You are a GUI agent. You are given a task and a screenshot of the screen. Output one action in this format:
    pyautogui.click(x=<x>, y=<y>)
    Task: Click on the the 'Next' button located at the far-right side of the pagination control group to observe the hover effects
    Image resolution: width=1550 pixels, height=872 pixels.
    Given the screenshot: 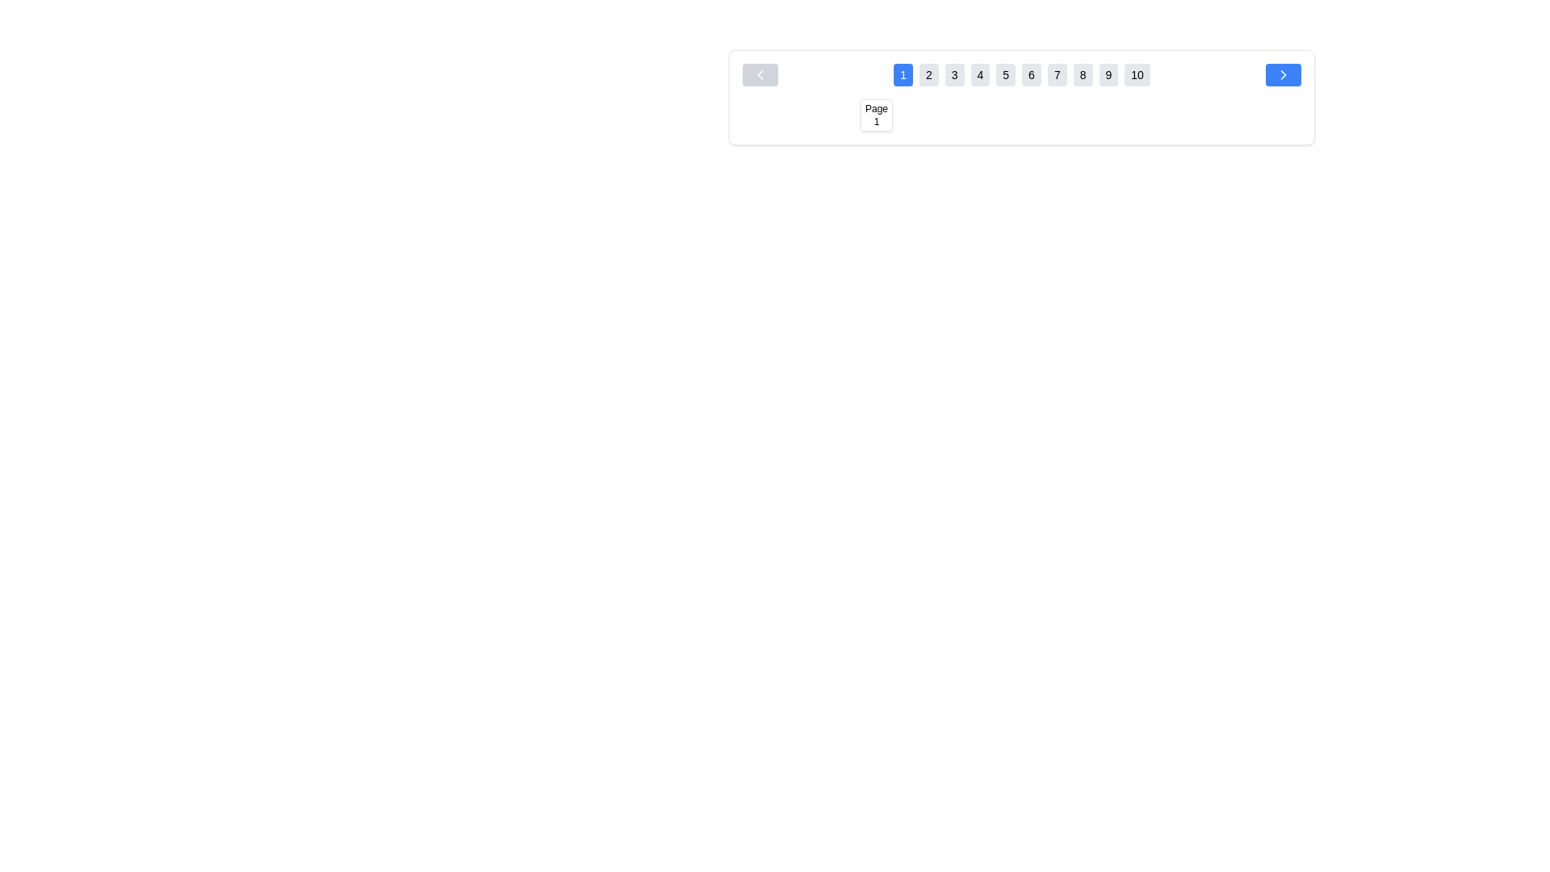 What is the action you would take?
    pyautogui.click(x=1282, y=74)
    